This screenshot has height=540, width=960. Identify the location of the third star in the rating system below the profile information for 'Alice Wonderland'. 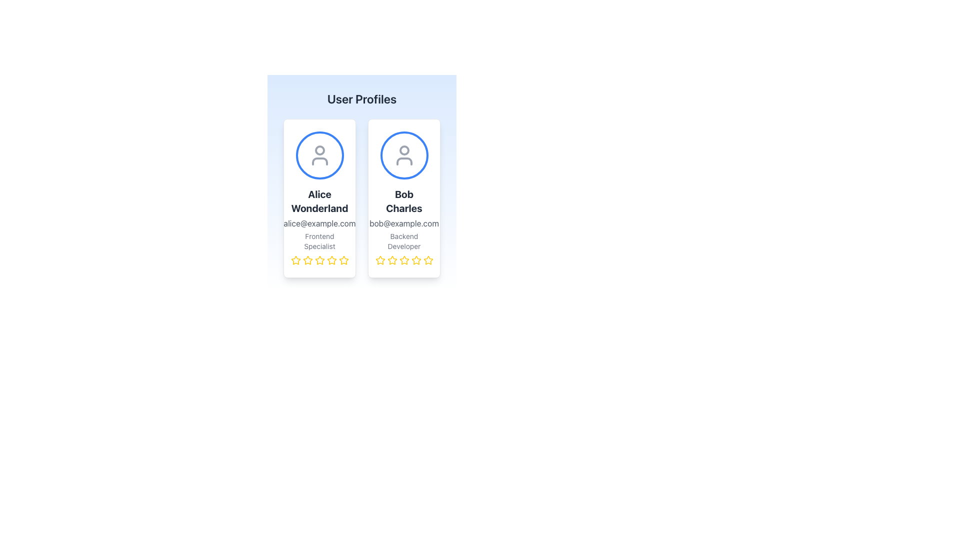
(319, 259).